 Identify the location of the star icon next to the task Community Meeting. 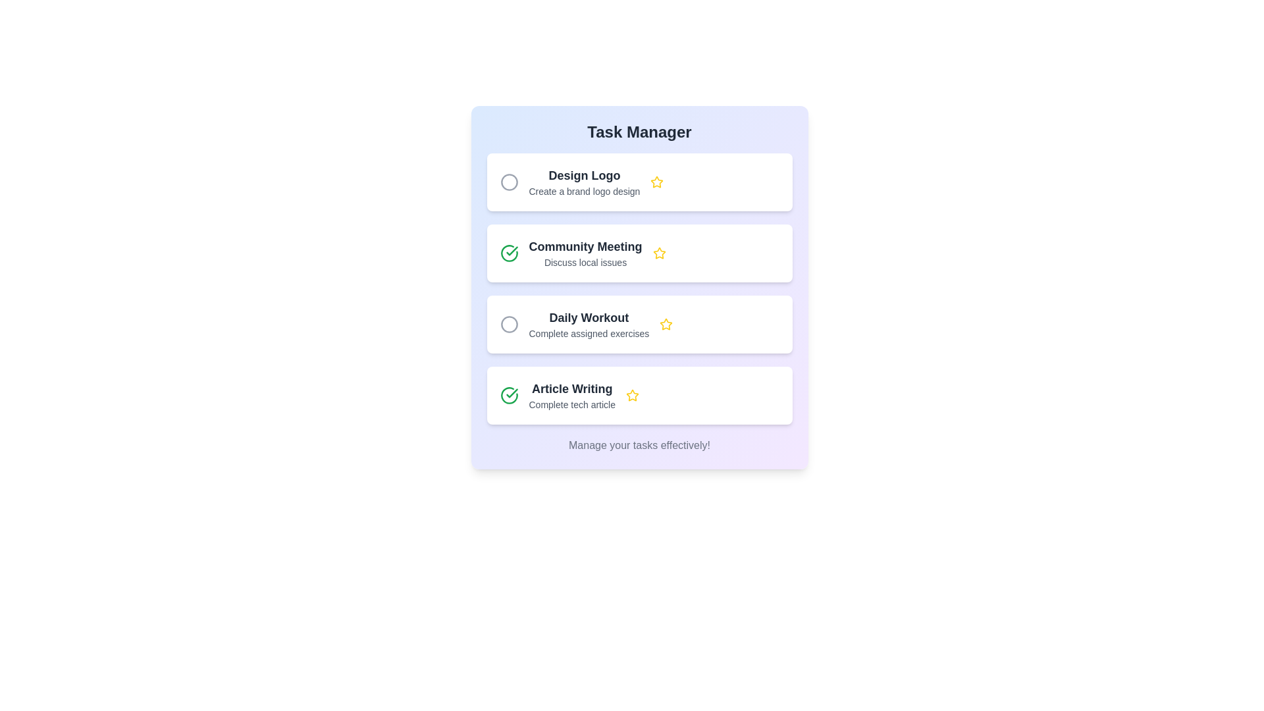
(659, 253).